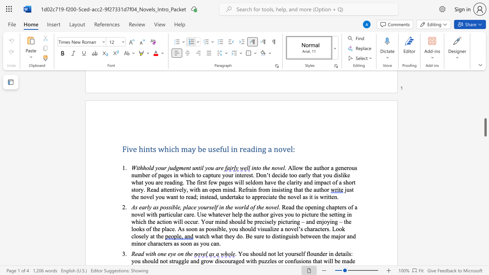 The height and width of the screenshot is (275, 489). I want to click on the 6th character "t" in the text, so click(245, 214).